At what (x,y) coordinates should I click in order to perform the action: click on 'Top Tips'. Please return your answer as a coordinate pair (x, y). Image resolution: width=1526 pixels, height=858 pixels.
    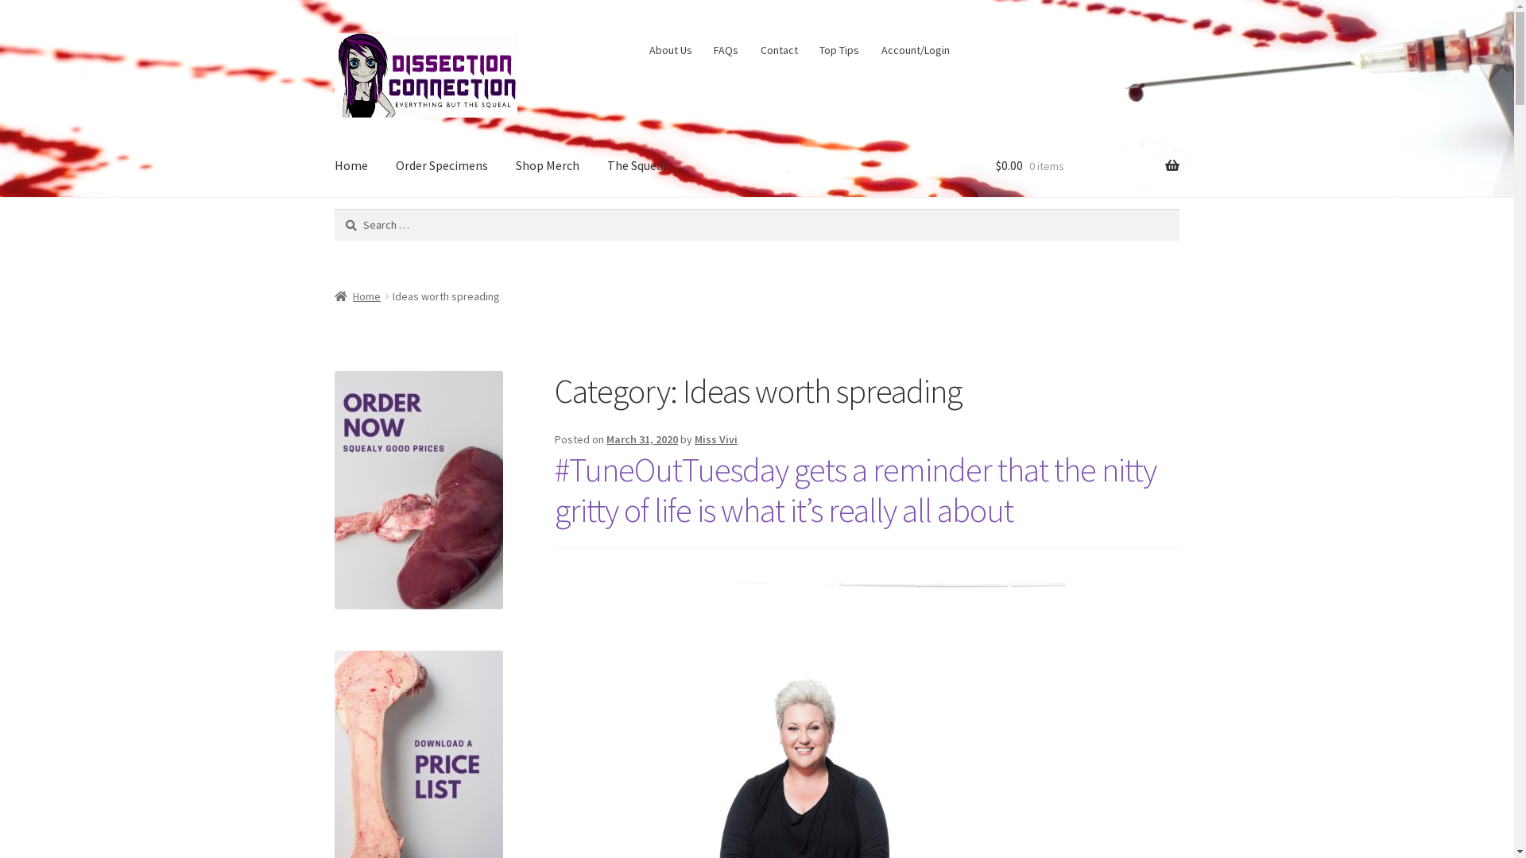
    Looking at the image, I should click on (839, 48).